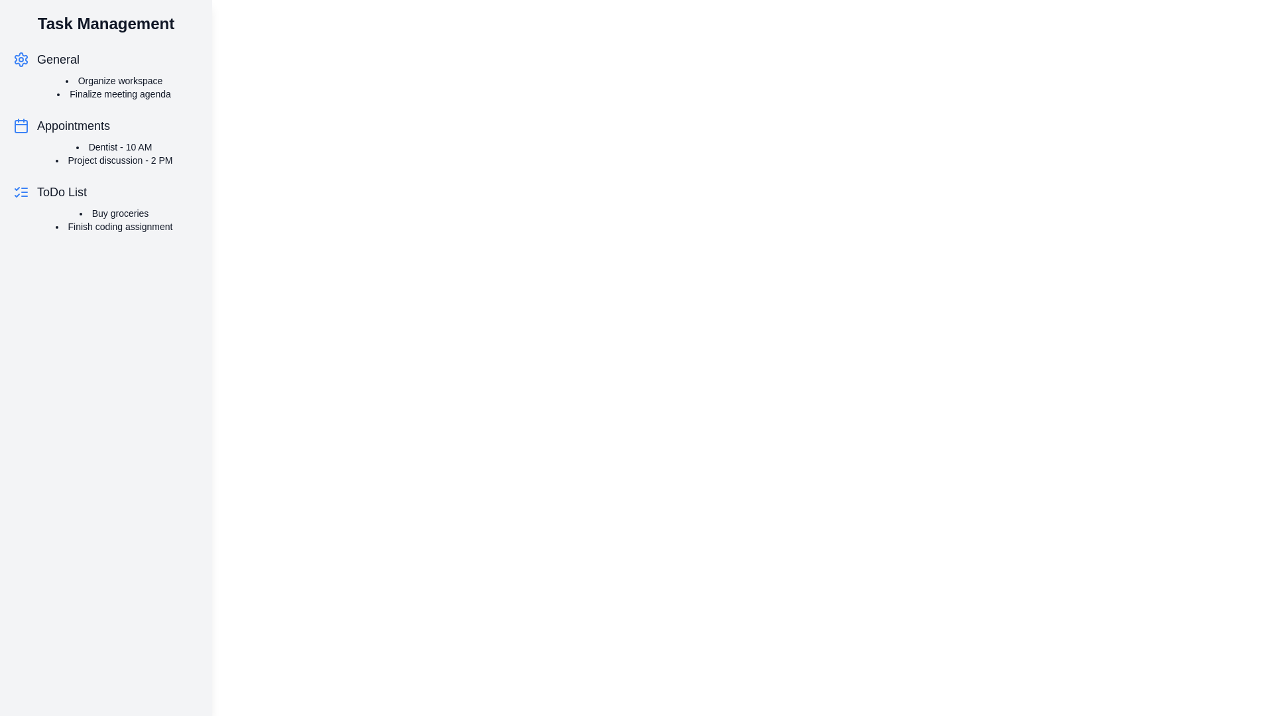  I want to click on the task text Dentist - 10 AM to open the task, so click(114, 147).